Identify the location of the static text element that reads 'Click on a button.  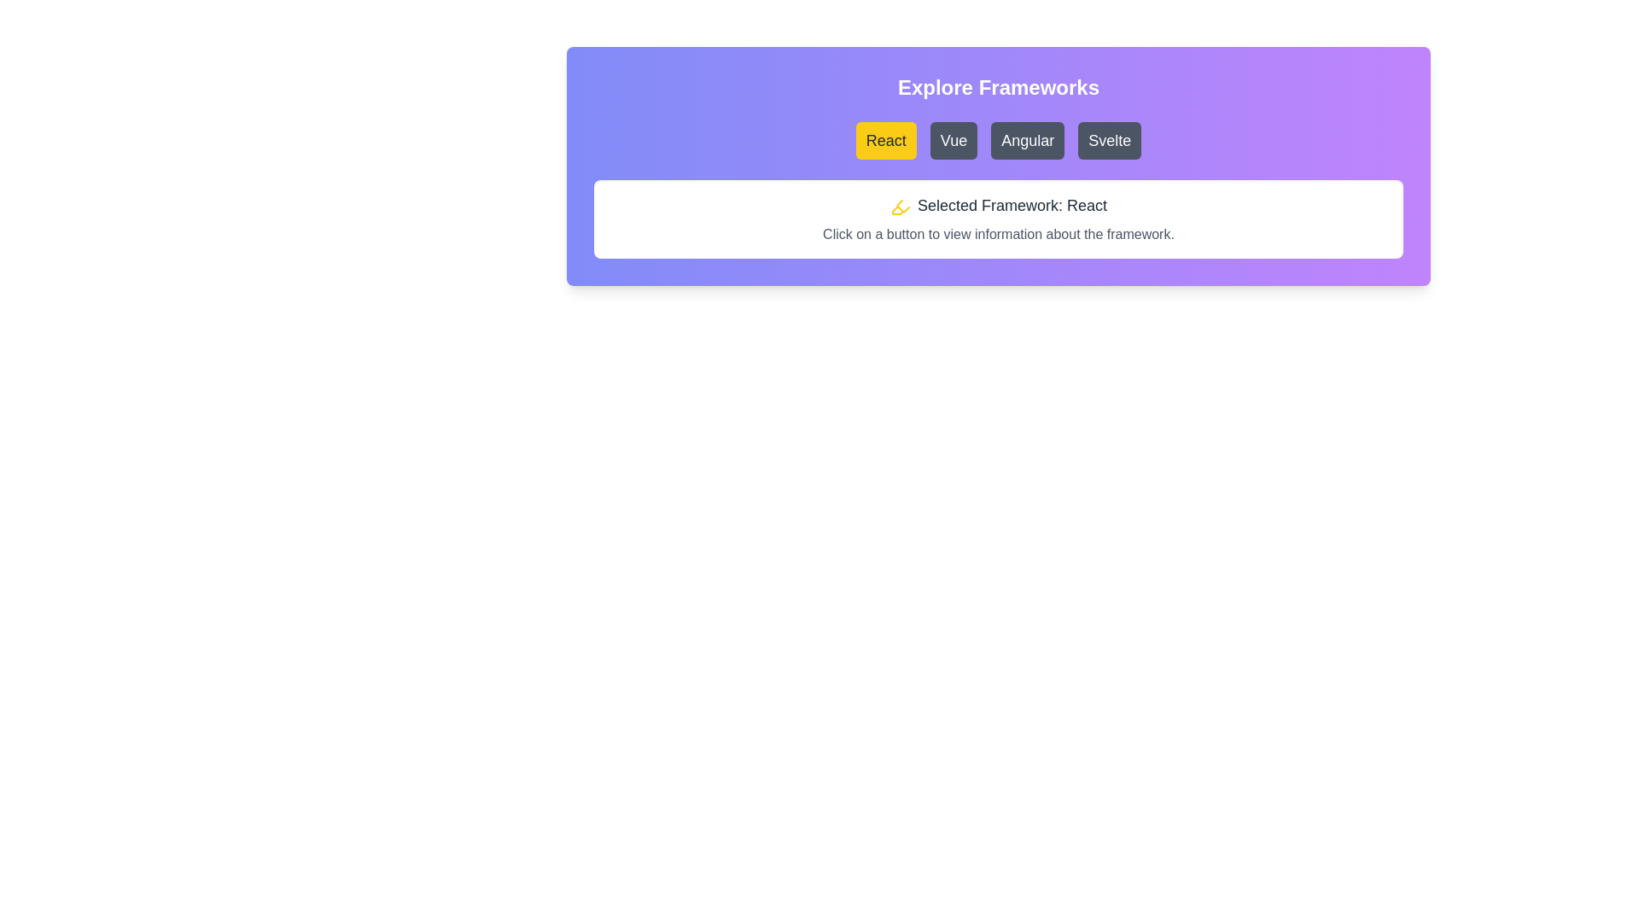
(999, 234).